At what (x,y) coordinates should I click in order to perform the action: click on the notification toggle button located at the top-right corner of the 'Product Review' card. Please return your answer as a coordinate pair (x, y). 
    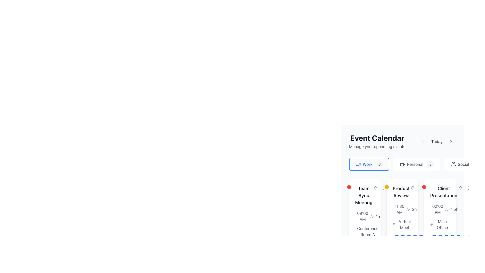
    Looking at the image, I should click on (413, 188).